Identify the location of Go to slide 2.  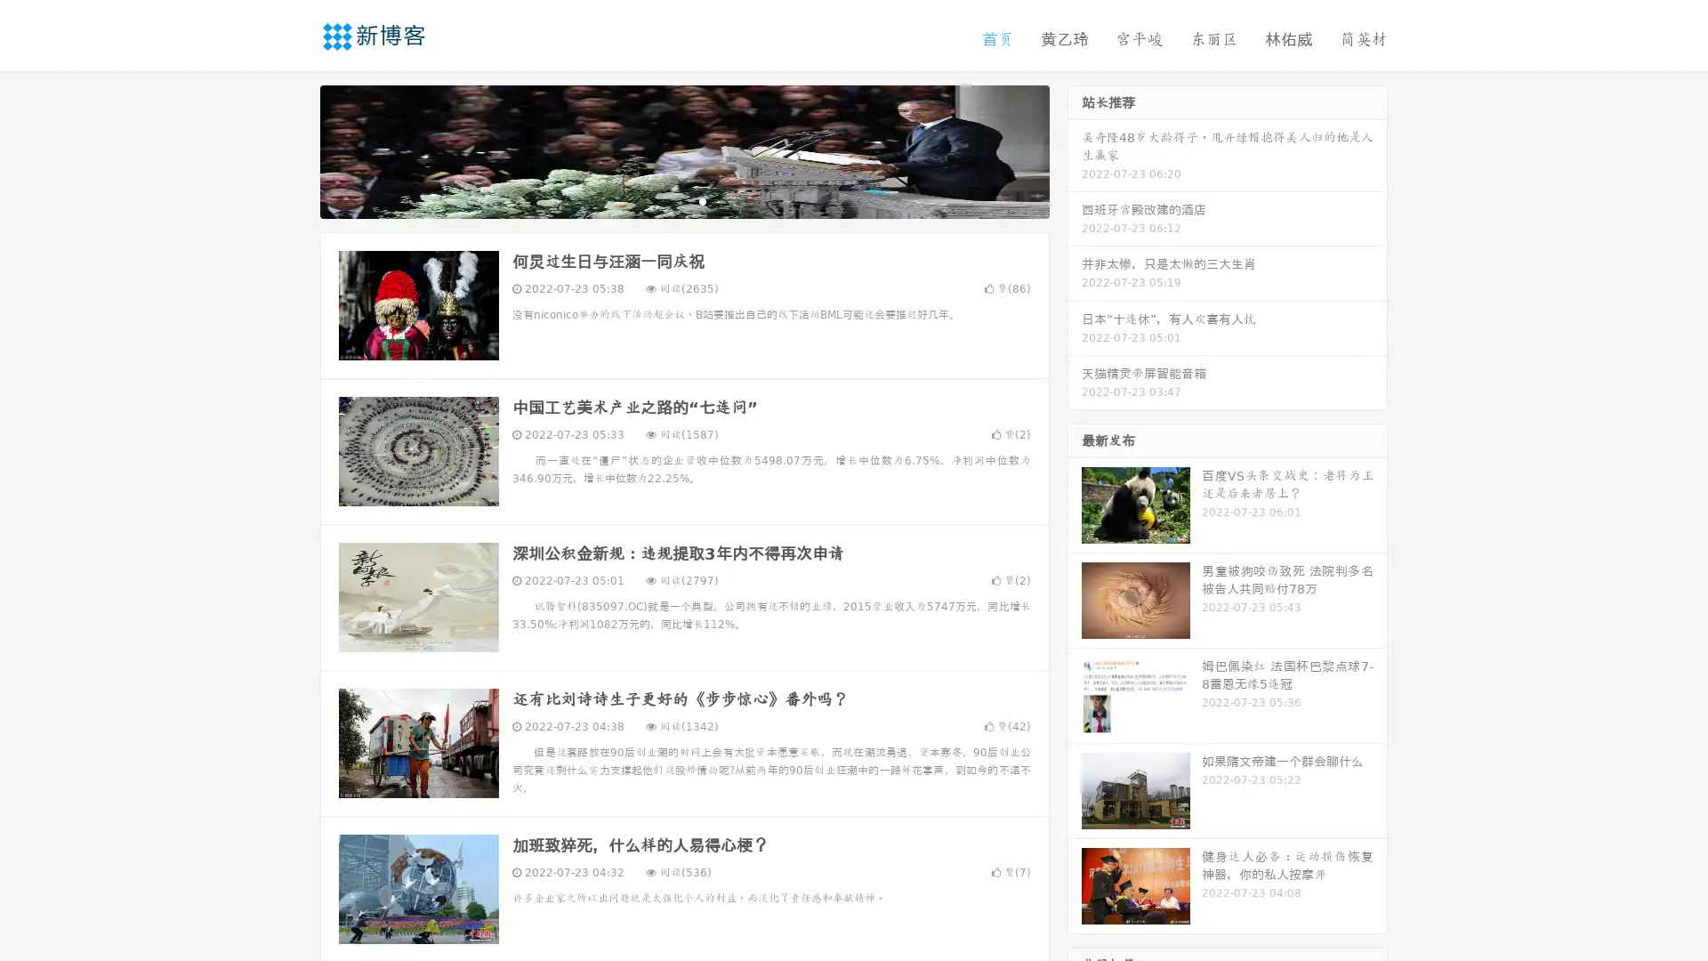
(683, 200).